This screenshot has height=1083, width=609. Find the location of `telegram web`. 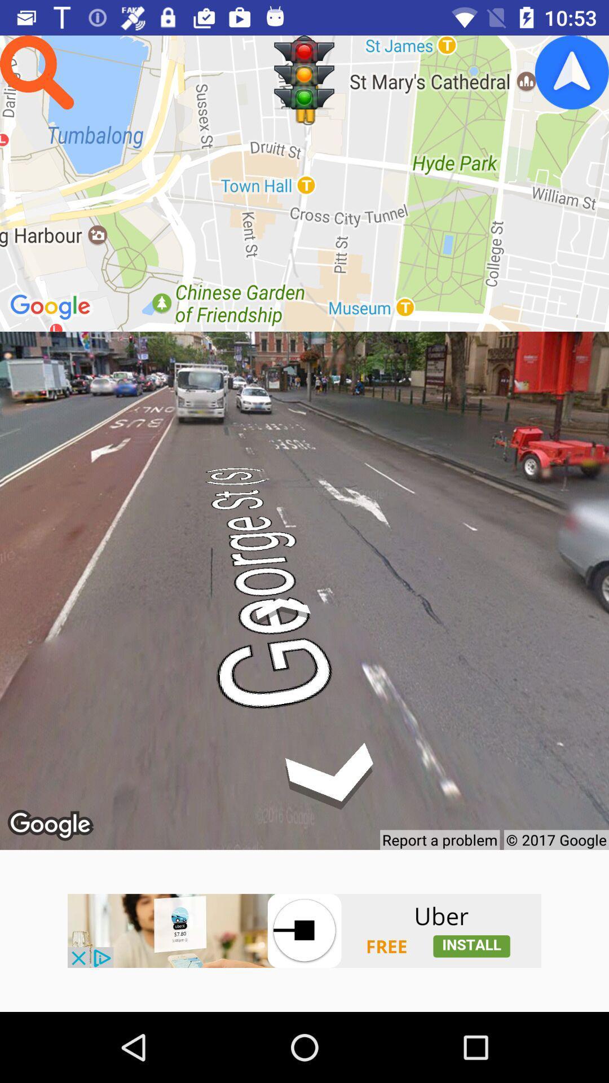

telegram web is located at coordinates (572, 72).